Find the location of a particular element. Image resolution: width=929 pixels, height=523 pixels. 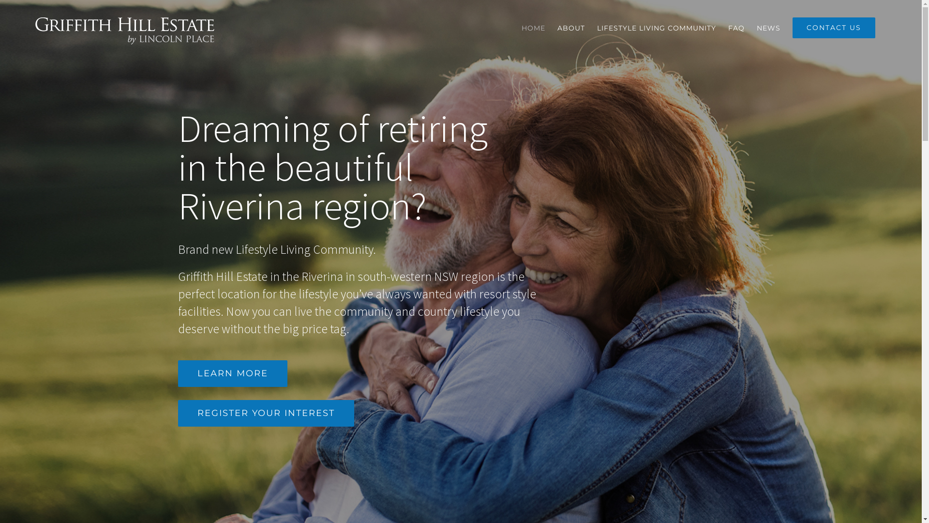

'REGISTER YOUR INTEREST' is located at coordinates (266, 413).